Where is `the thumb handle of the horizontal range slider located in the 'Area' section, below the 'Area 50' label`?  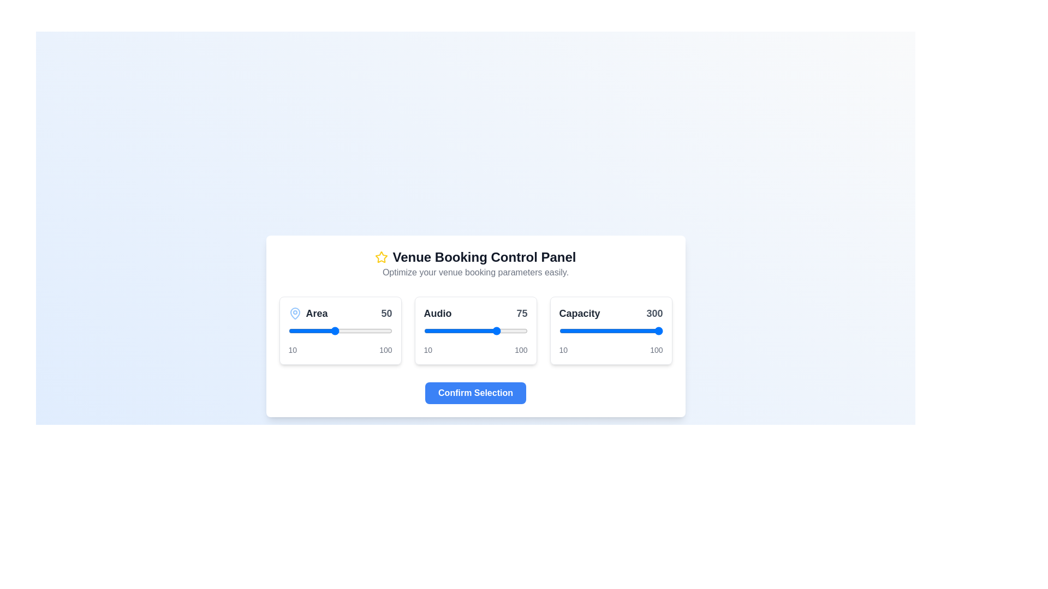 the thumb handle of the horizontal range slider located in the 'Area' section, below the 'Area 50' label is located at coordinates (340, 330).